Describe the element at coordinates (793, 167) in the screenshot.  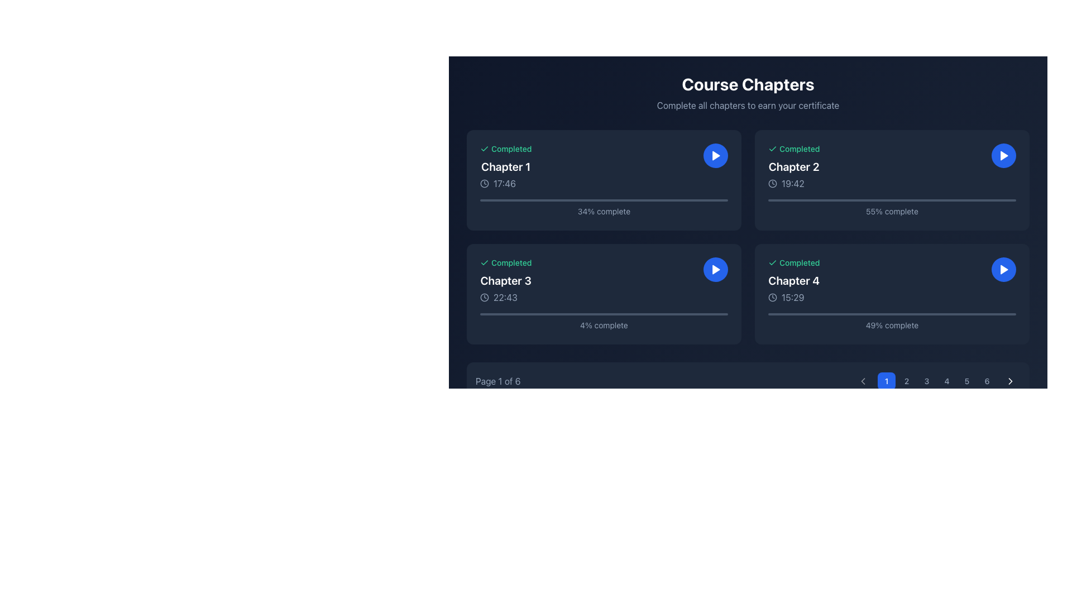
I see `the text label displaying 'Chapter 2', which is styled with bold white text on a dark background and is located in the top row, second column of a grid layout` at that location.